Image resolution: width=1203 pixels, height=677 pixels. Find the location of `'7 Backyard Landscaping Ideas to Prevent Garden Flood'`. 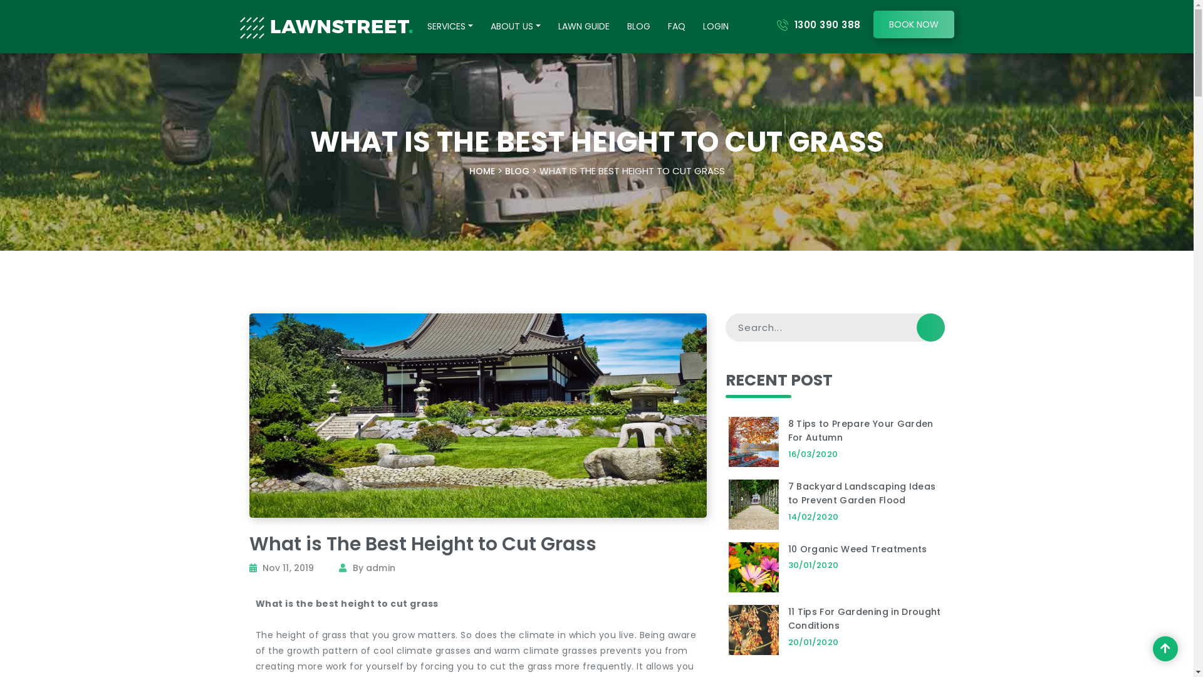

'7 Backyard Landscaping Ideas to Prevent Garden Flood' is located at coordinates (862, 493).